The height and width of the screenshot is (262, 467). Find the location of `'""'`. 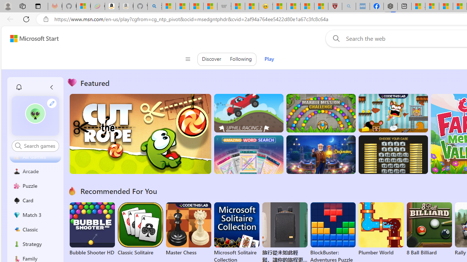

'""' is located at coordinates (35, 114).